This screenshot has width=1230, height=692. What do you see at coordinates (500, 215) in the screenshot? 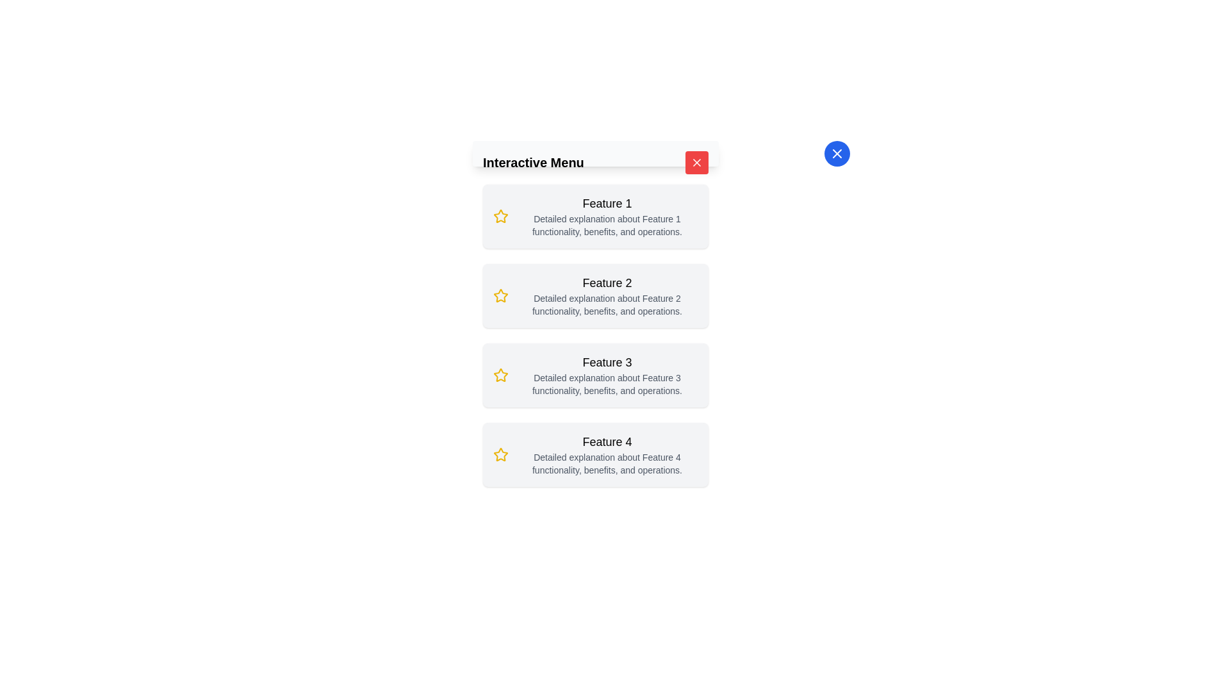
I see `the first star icon in a vertical list of four, located on the left side of the interface, which serves as a visual identifier or rating marker` at bounding box center [500, 215].